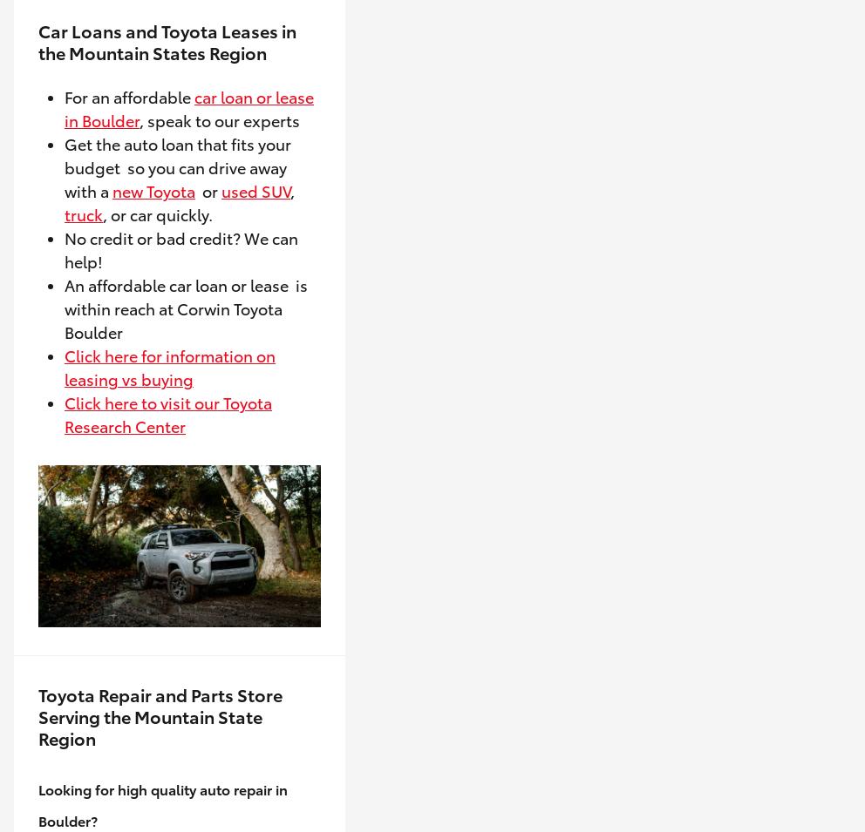 The image size is (865, 832). I want to click on 'Toyota Repair and Parts Store Serving the Mountain State Region', so click(38, 715).